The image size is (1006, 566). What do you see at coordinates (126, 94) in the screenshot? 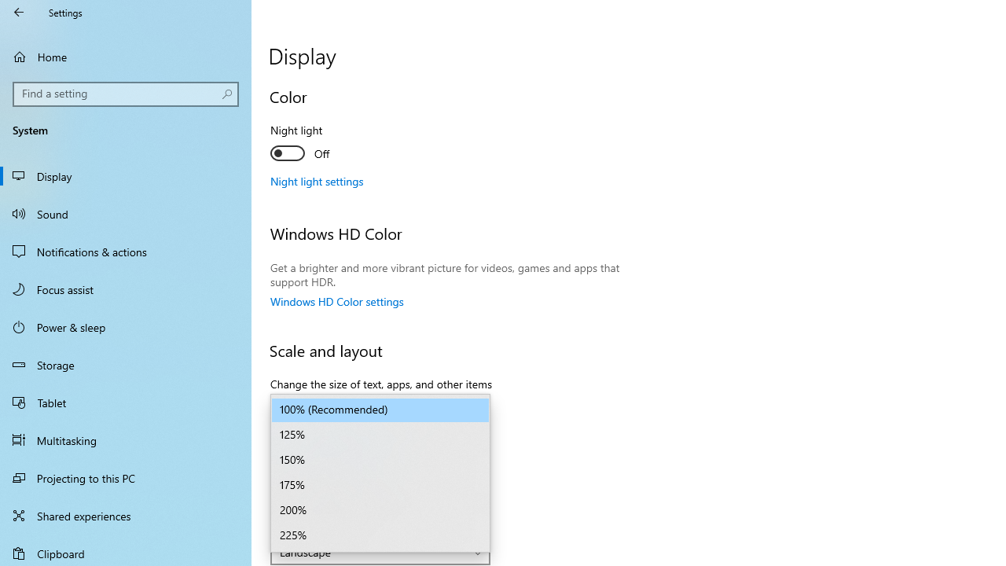
I see `'Search box, Find a setting'` at bounding box center [126, 94].